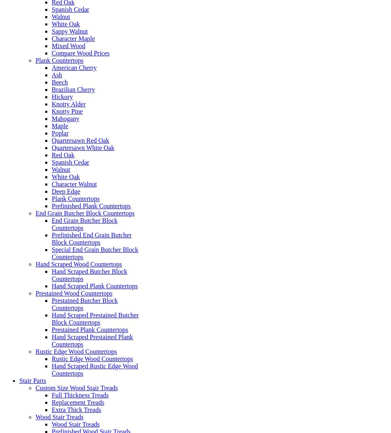 The width and height of the screenshot is (391, 433). I want to click on 'Prefinished End Grain Butcher Block Countertops', so click(91, 239).